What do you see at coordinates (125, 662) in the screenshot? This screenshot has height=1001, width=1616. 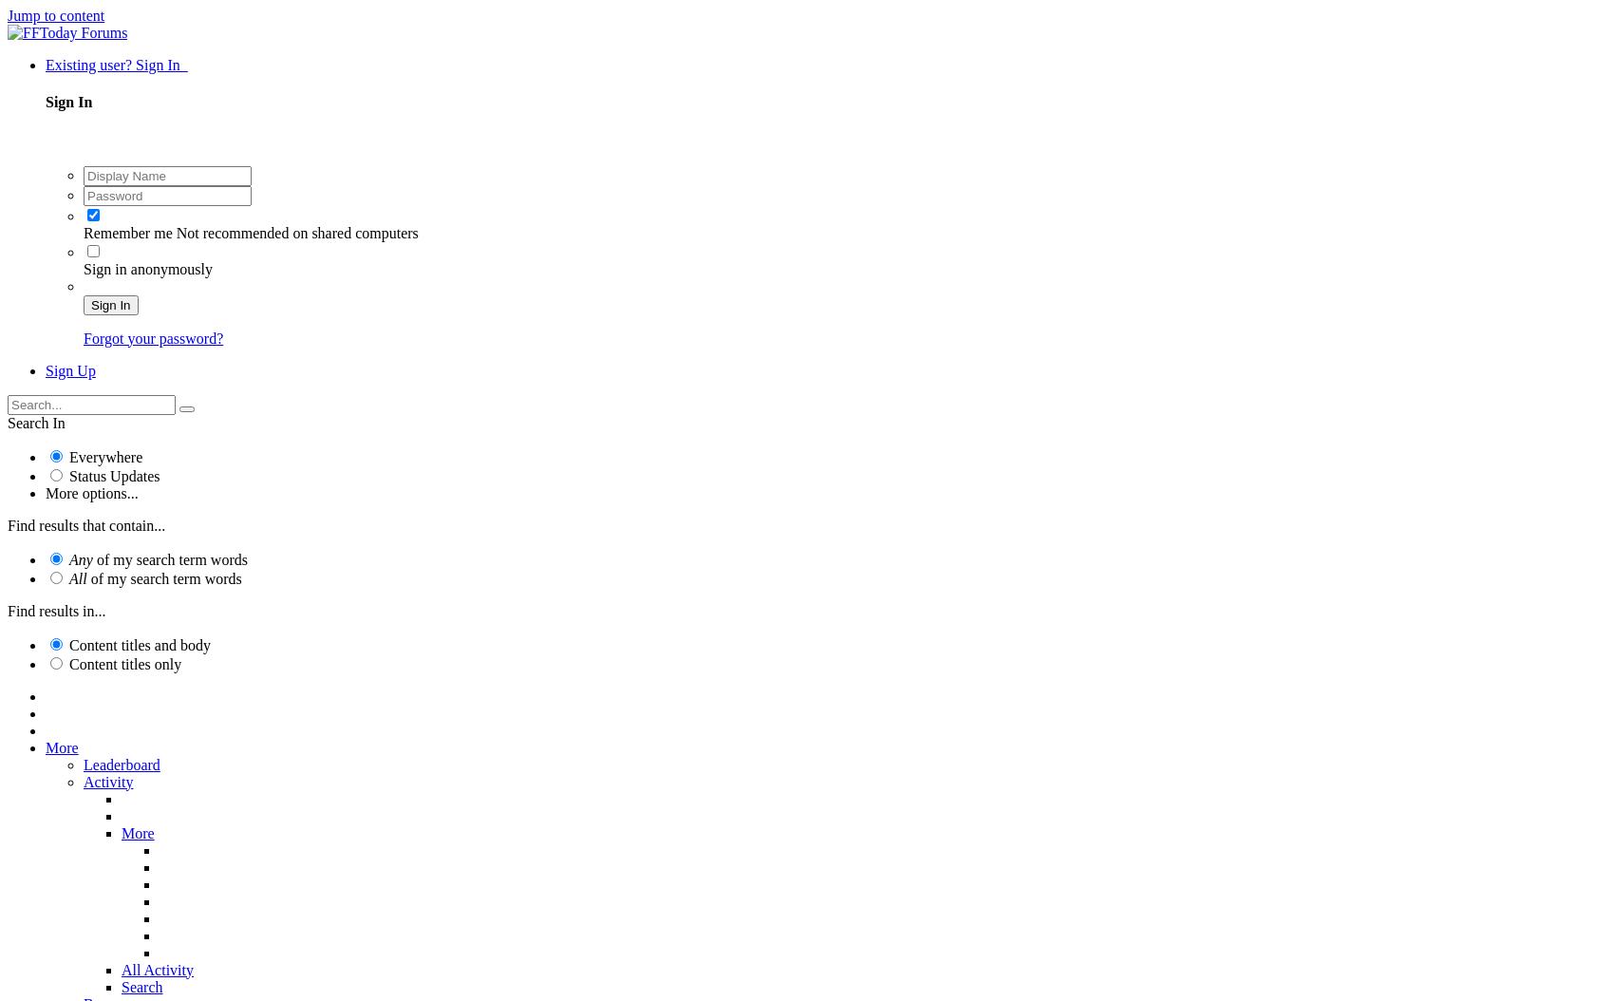 I see `'Content titles only'` at bounding box center [125, 662].